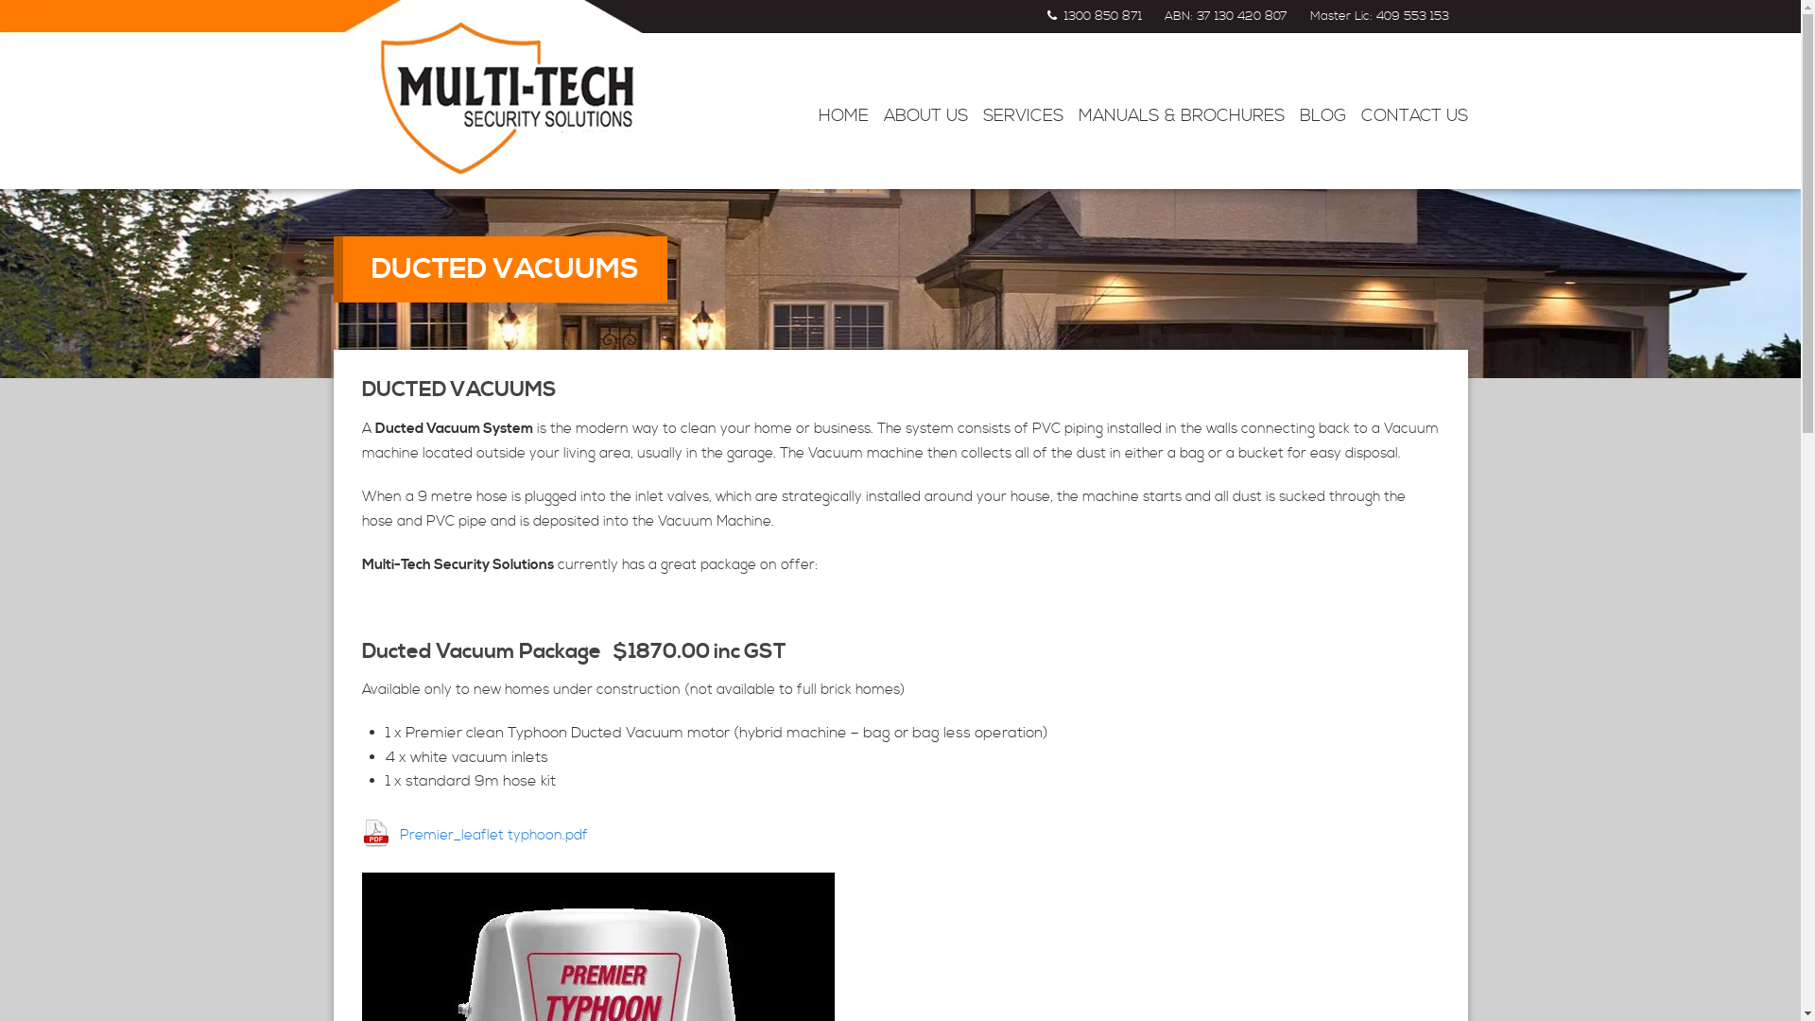 The width and height of the screenshot is (1815, 1021). What do you see at coordinates (1022, 115) in the screenshot?
I see `'SERVICES'` at bounding box center [1022, 115].